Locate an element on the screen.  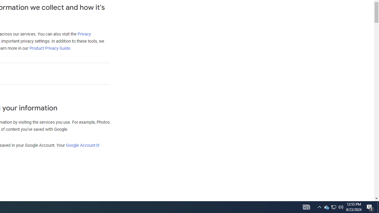
'Google Account' is located at coordinates (82, 145).